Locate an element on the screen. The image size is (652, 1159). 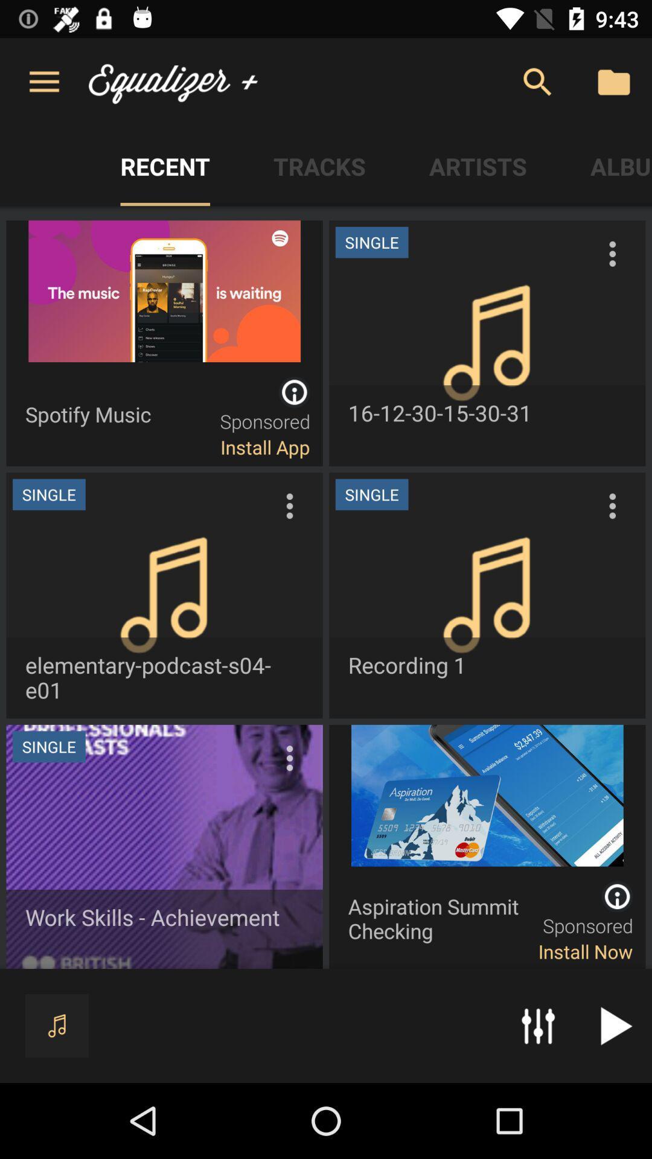
the three vertical dot icon shown on the first right image from the top is located at coordinates (612, 253).